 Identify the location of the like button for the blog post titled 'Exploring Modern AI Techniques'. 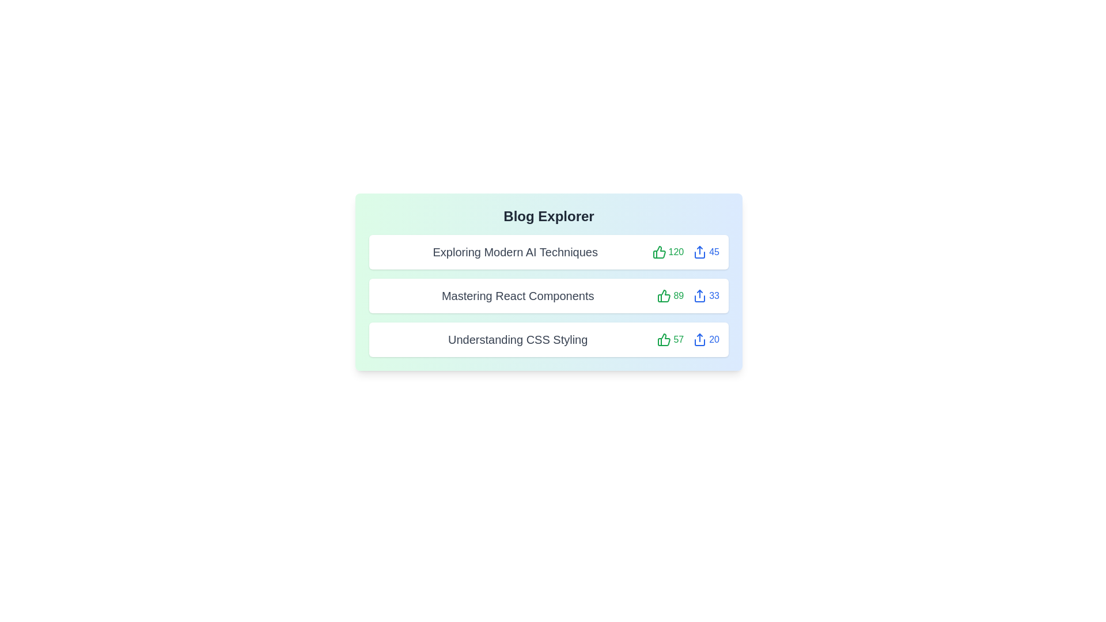
(668, 252).